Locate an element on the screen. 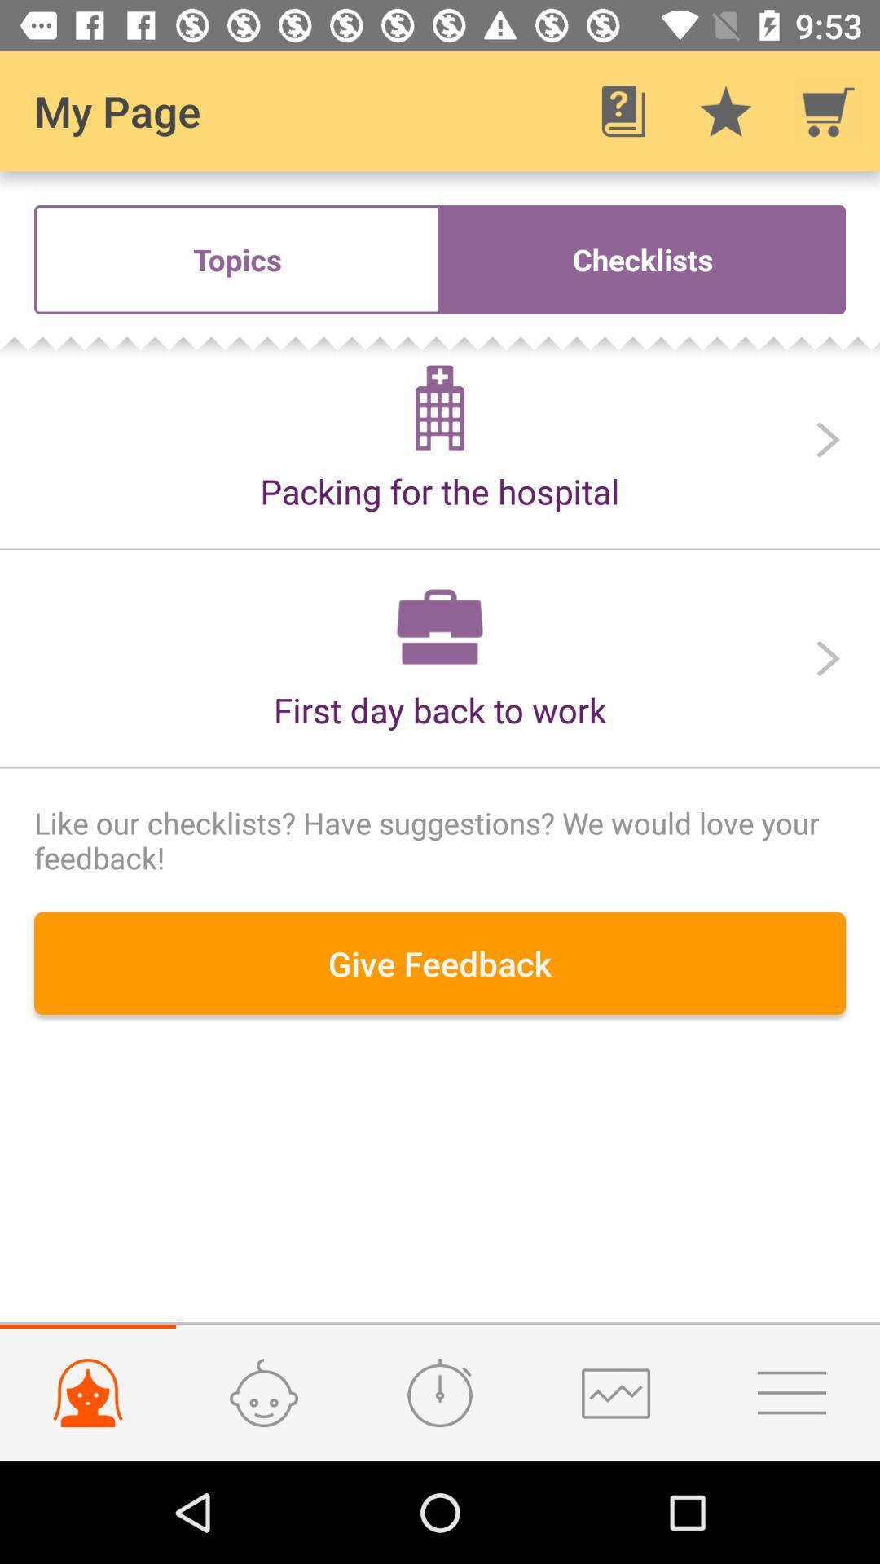 The height and width of the screenshot is (1564, 880). give feedback is located at coordinates (440, 963).